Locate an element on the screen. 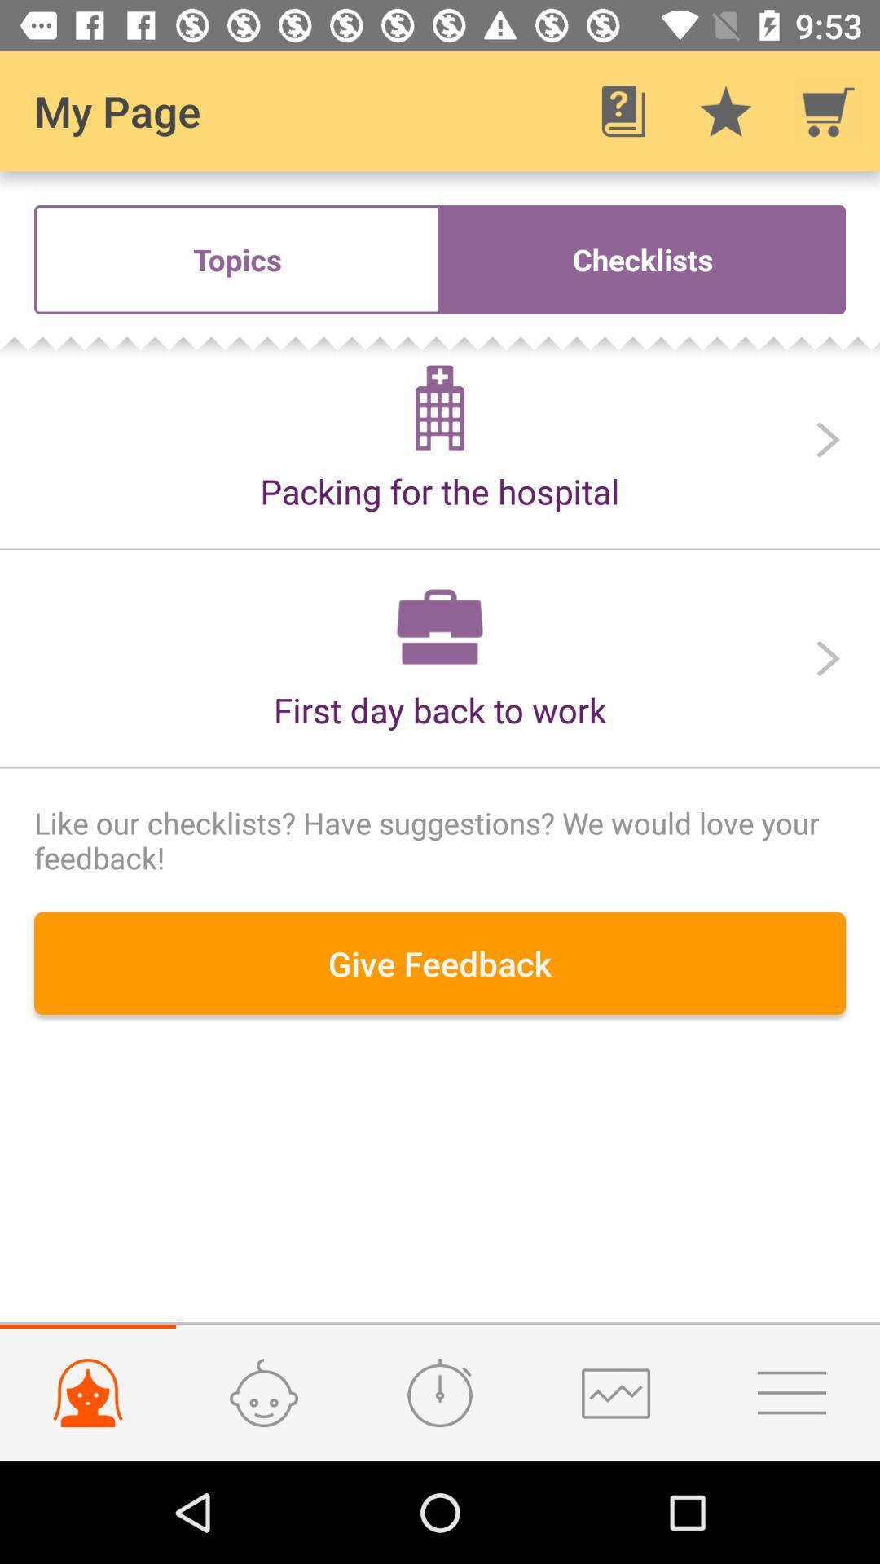 The height and width of the screenshot is (1564, 880). give feedback is located at coordinates (440, 963).